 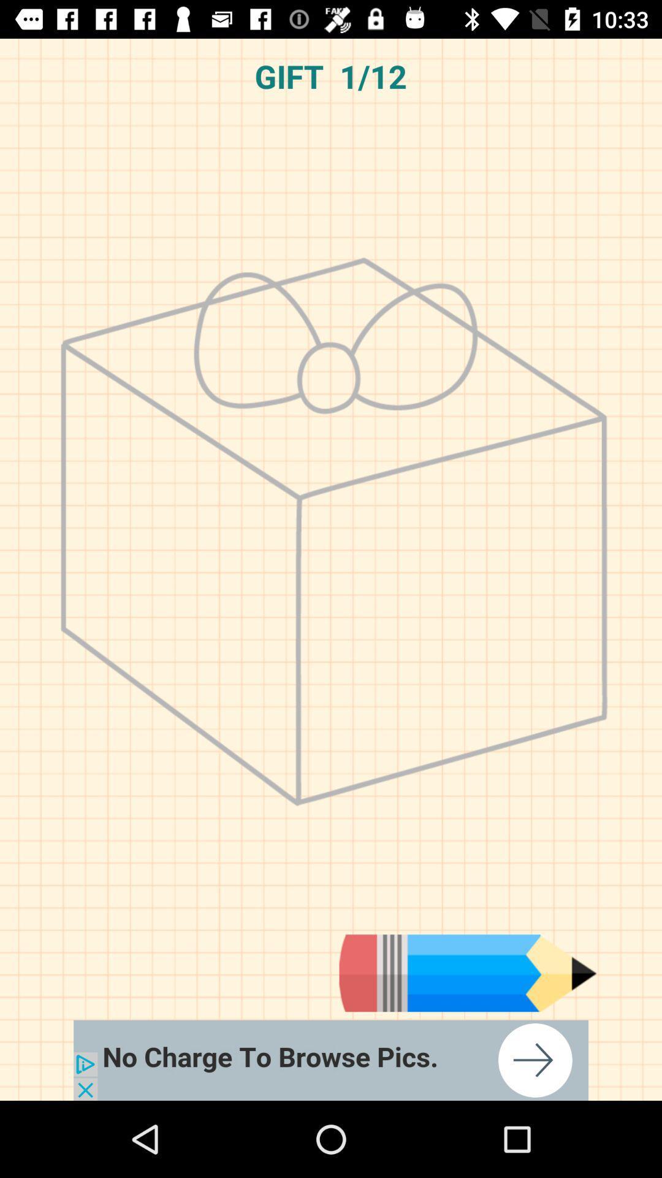 What do you see at coordinates (468, 972) in the screenshot?
I see `choose pencil type` at bounding box center [468, 972].